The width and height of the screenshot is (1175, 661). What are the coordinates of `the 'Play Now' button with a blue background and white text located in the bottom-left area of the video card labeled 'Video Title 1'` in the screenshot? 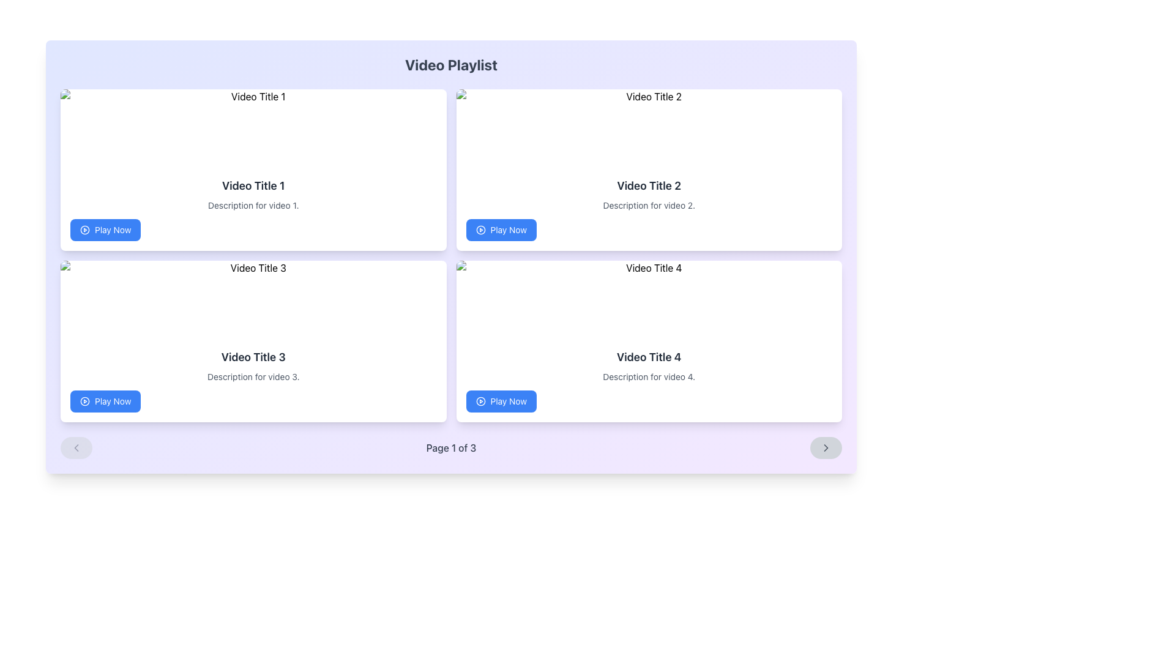 It's located at (105, 230).